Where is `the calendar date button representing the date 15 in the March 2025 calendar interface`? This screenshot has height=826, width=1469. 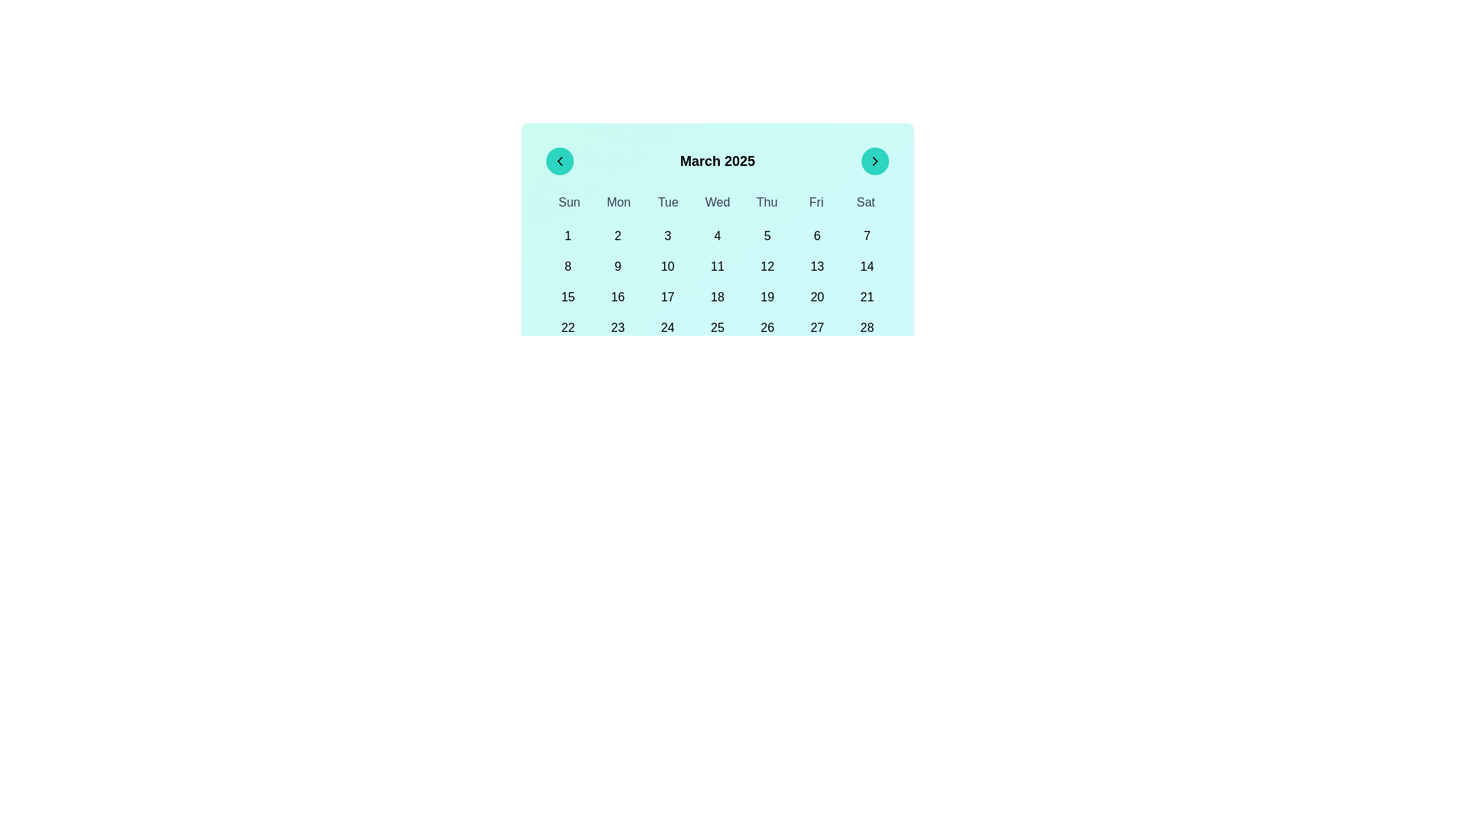
the calendar date button representing the date 15 in the March 2025 calendar interface is located at coordinates (567, 298).